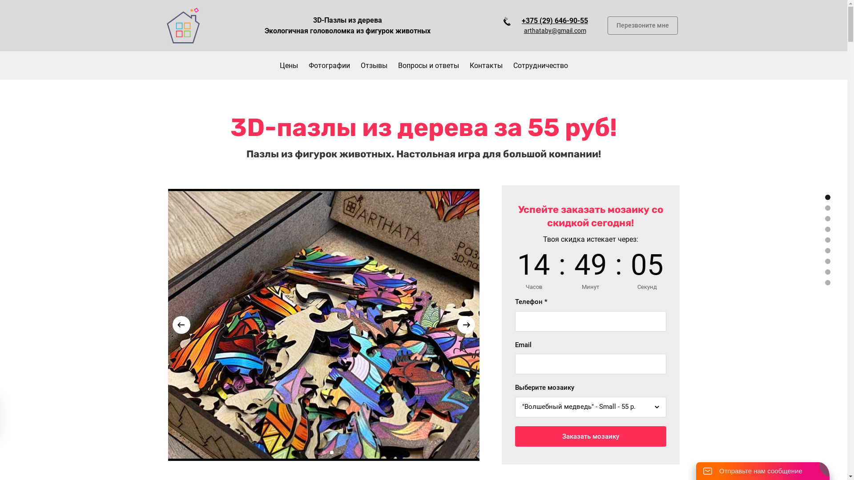  Describe the element at coordinates (554, 20) in the screenshot. I see `'+375 (29) 646-90-55'` at that location.